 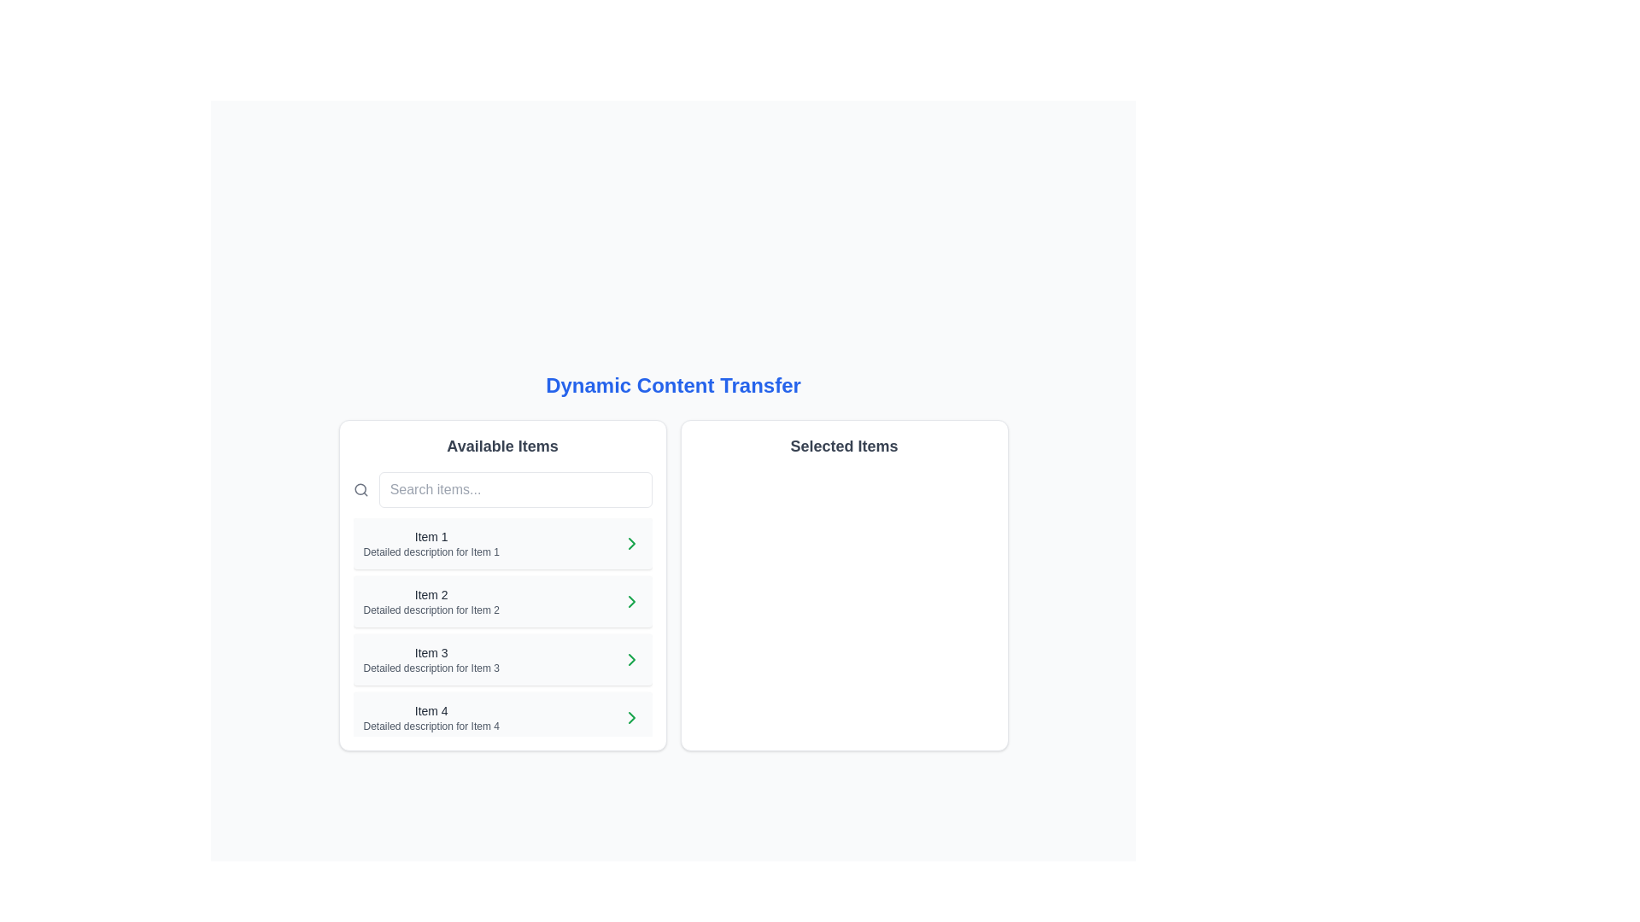 I want to click on the 'Item 4' text label, which is the bold title of the fourth list entry in the 'Available Items' section, so click(x=431, y=711).